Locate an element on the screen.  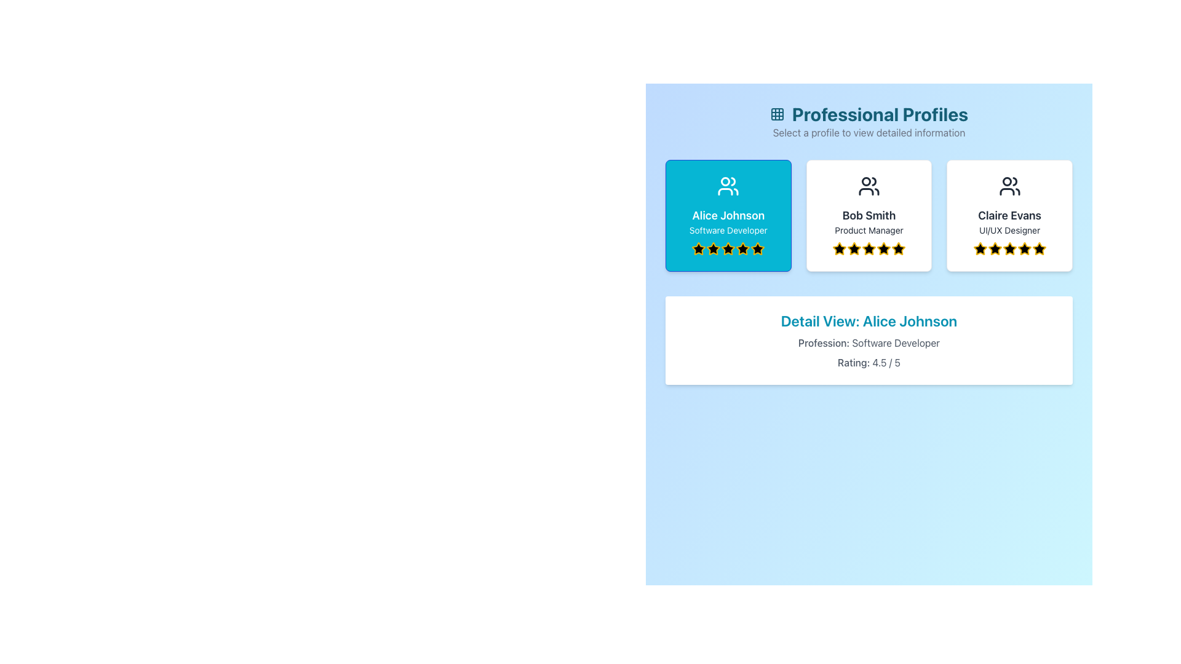
the fifth and final Rating Star Icon on Claire Evans' profile card, which is a yellow star outlined in black, located at the bottom of the profile card is located at coordinates (1024, 249).